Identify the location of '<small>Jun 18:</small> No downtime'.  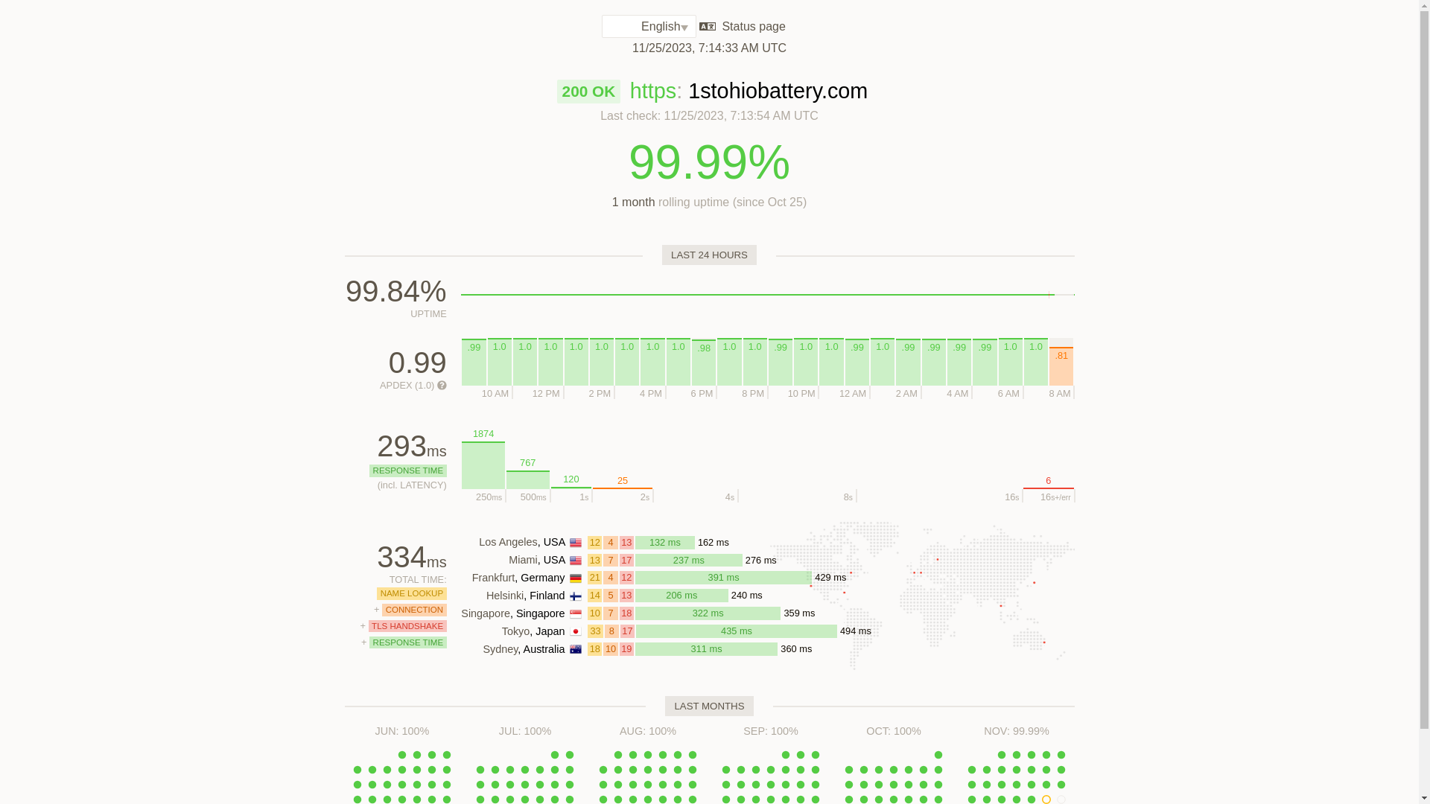
(446, 783).